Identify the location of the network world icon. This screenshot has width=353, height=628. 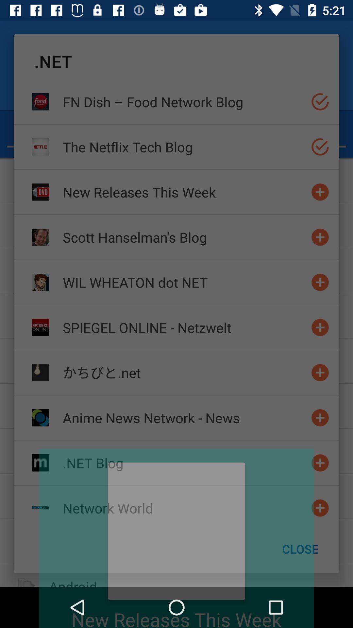
(184, 508).